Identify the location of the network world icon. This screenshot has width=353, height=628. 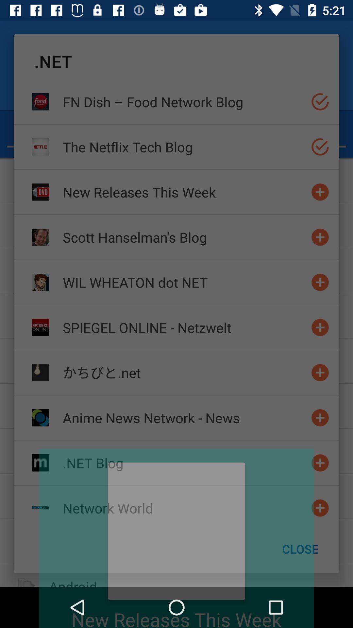
(184, 508).